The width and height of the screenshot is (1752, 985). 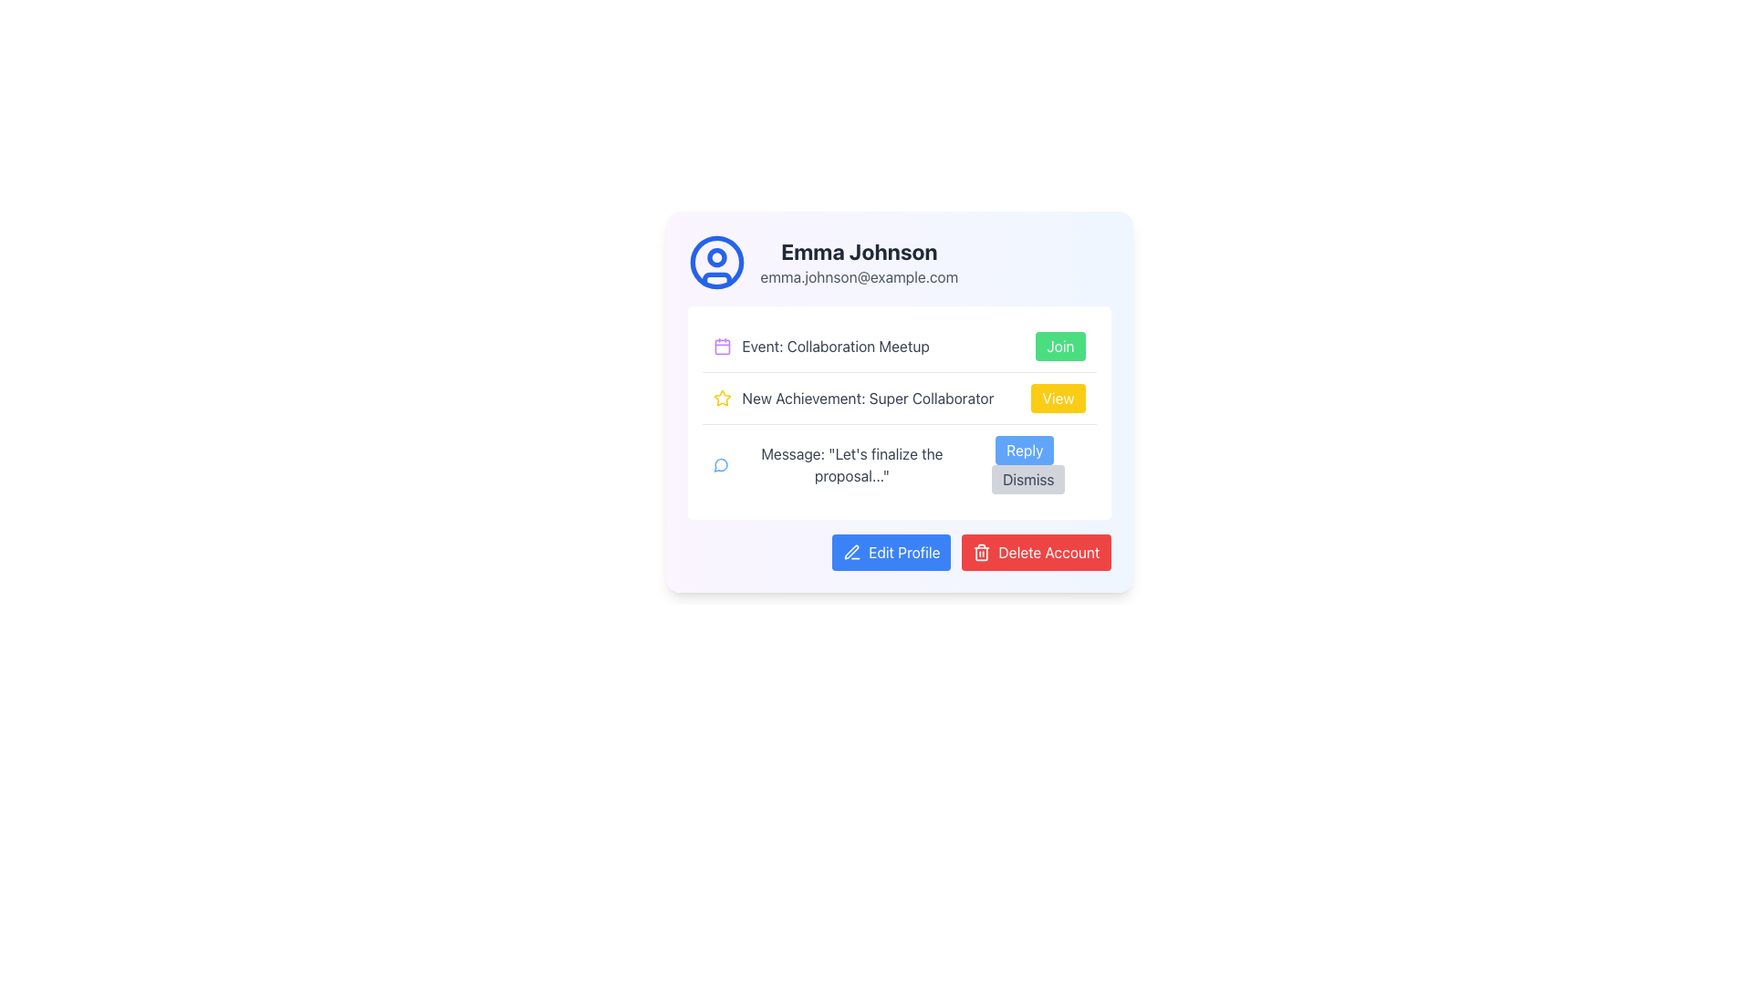 What do you see at coordinates (820, 347) in the screenshot?
I see `event details from the element labeled 'Event: Collaboration Meetup' which includes a purple calendar icon and is the first item in a list, located to the left of a green 'Join' button` at bounding box center [820, 347].